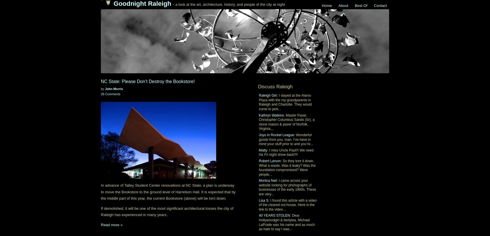  What do you see at coordinates (287, 187) in the screenshot?
I see `': I came across your website looking for photographs of businesses of the early 1900s. These are very...'` at bounding box center [287, 187].